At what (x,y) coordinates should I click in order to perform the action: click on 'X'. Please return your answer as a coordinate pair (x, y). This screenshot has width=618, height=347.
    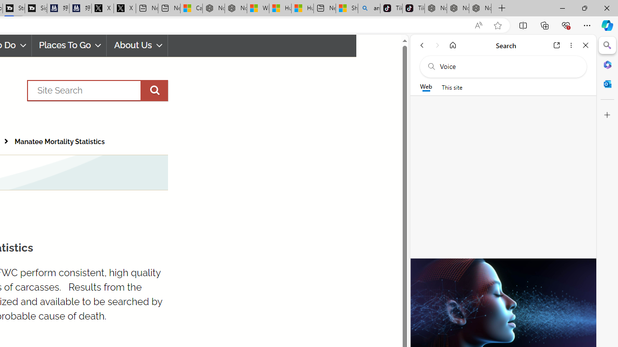
    Looking at the image, I should click on (124, 8).